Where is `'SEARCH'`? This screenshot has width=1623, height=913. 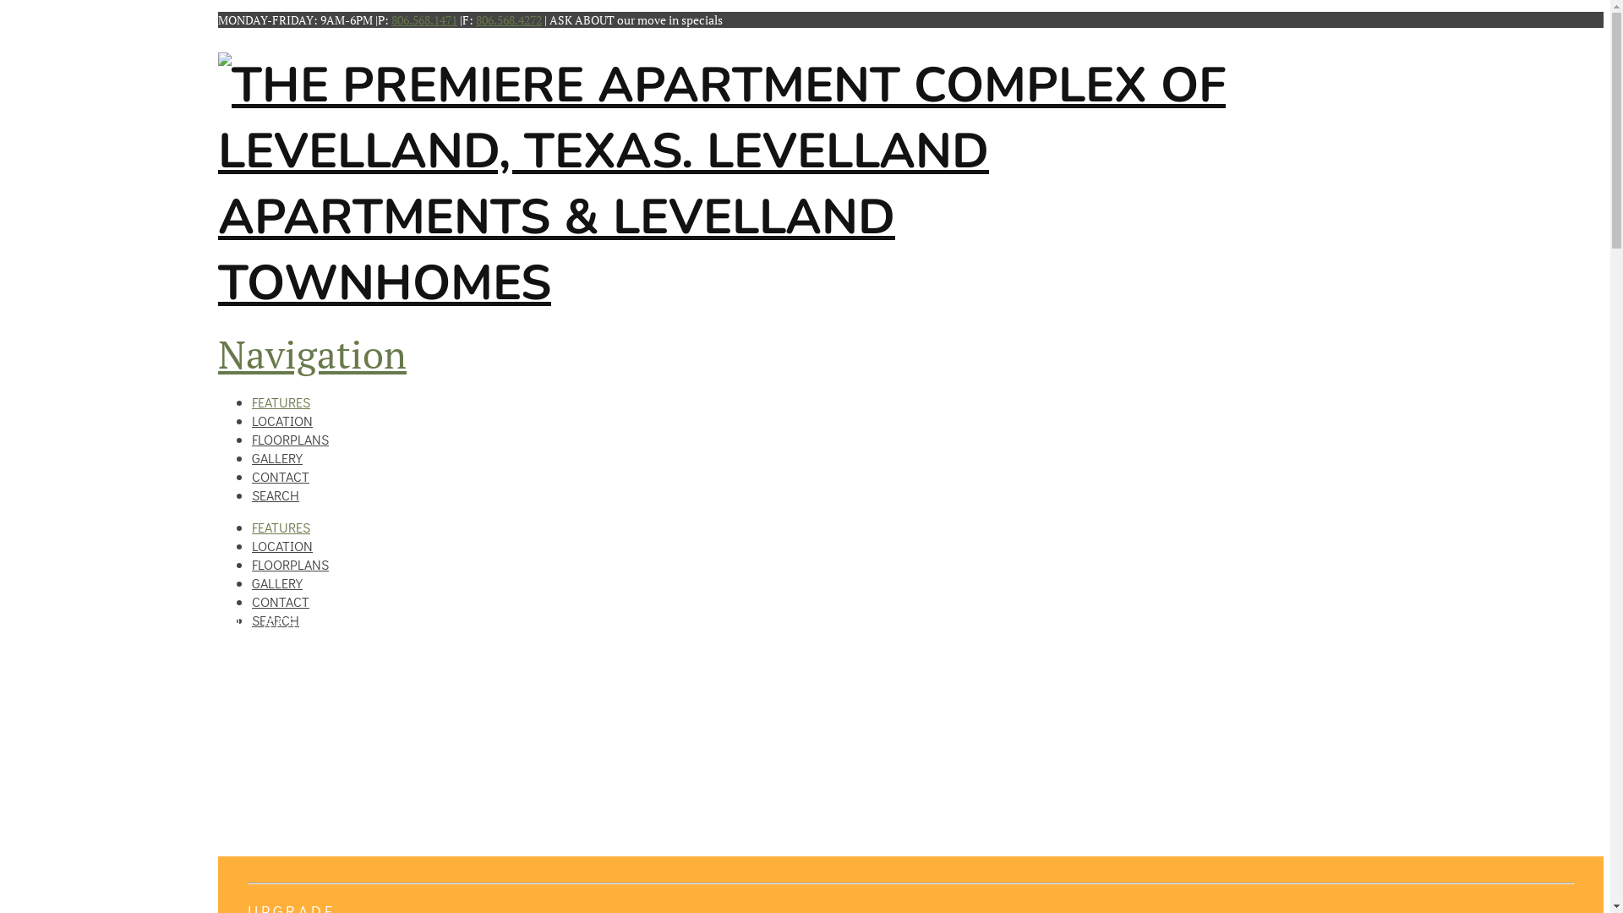 'SEARCH' is located at coordinates (276, 620).